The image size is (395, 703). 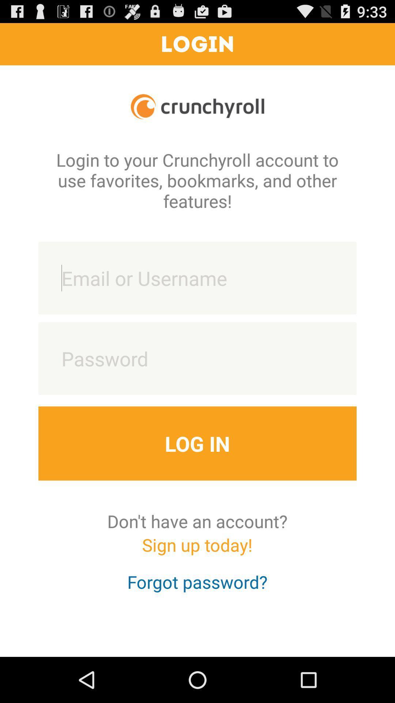 What do you see at coordinates (197, 521) in the screenshot?
I see `icon below log in app` at bounding box center [197, 521].